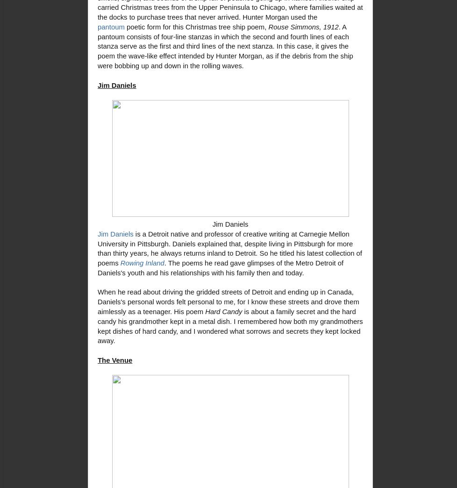  Describe the element at coordinates (141, 263) in the screenshot. I see `'Rowing Inland'` at that location.